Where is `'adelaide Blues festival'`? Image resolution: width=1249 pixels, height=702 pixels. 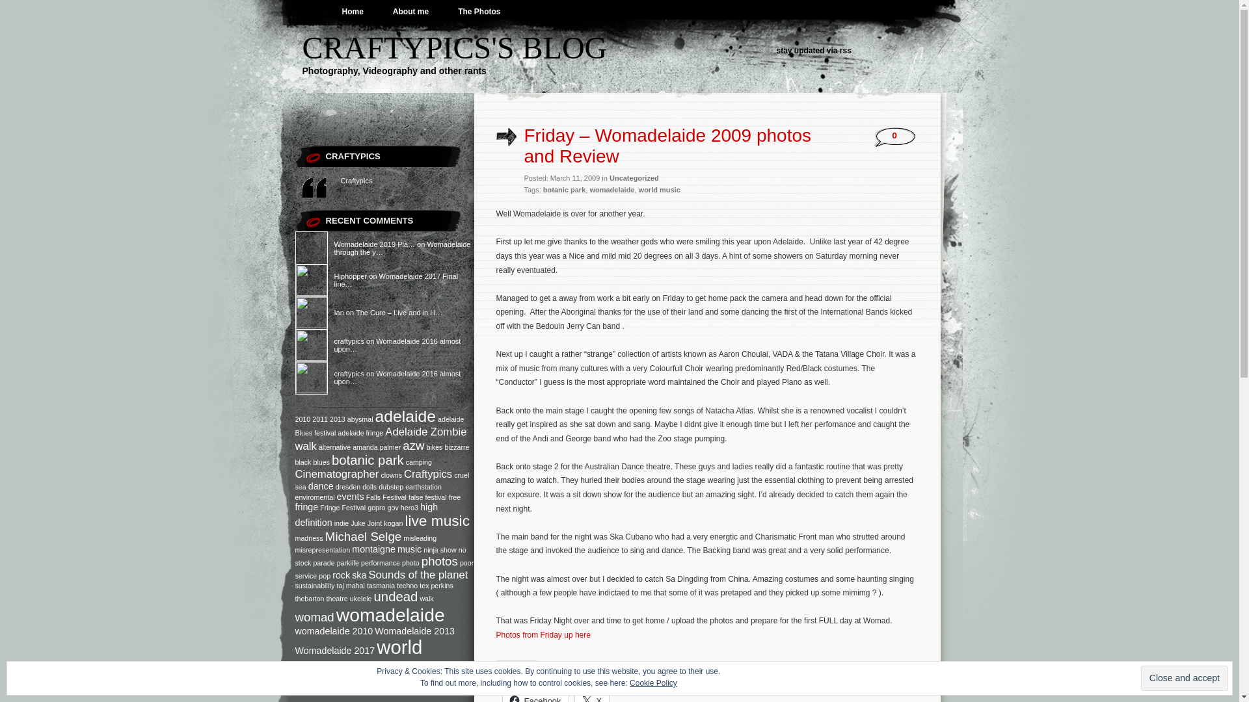 'adelaide Blues festival' is located at coordinates (379, 426).